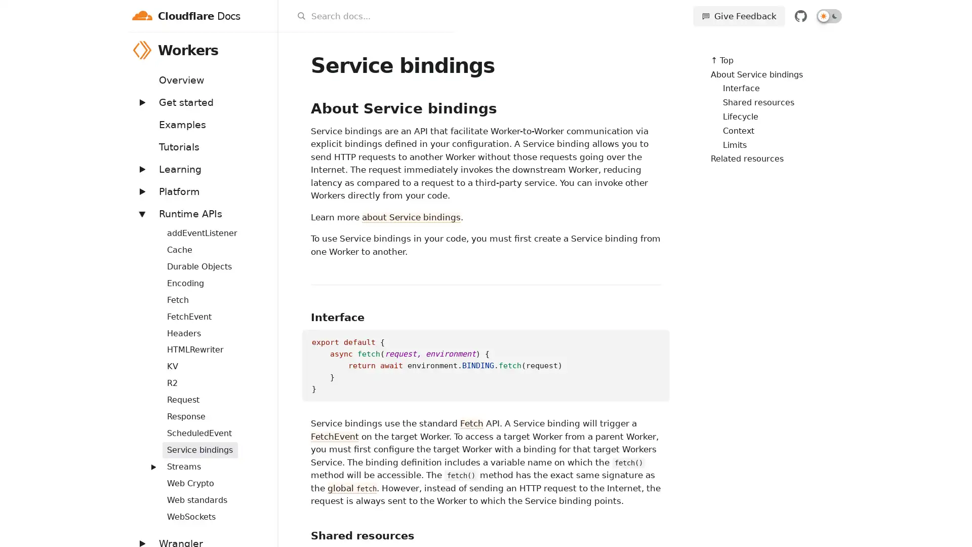  I want to click on Expand: Streams, so click(152, 466).